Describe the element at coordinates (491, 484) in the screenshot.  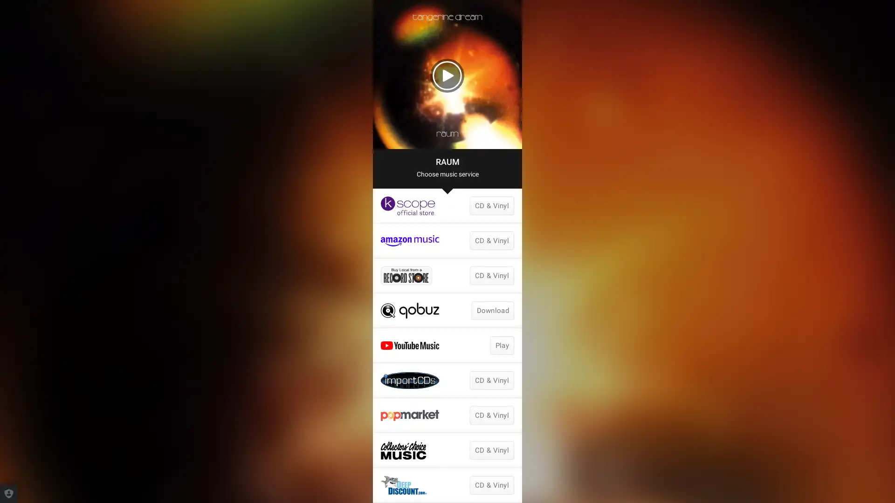
I see `CD & Vinyl` at that location.